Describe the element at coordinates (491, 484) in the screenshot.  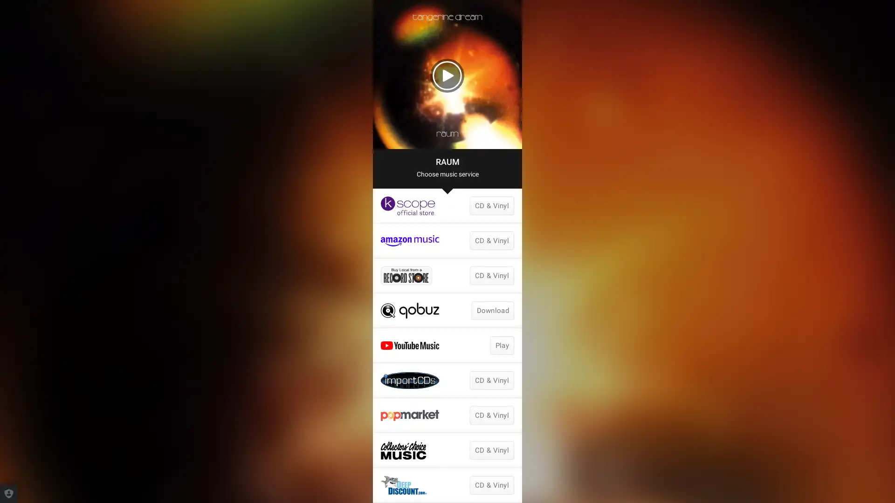
I see `CD & Vinyl` at that location.